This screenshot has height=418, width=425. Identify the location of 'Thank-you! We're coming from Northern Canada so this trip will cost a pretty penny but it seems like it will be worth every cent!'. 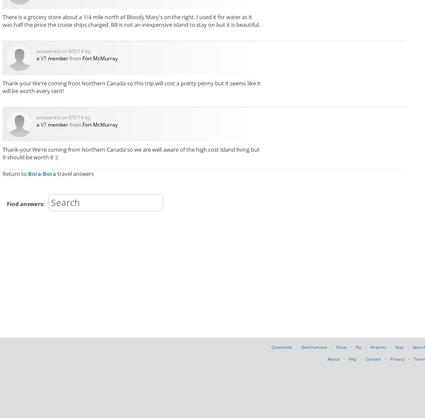
(131, 86).